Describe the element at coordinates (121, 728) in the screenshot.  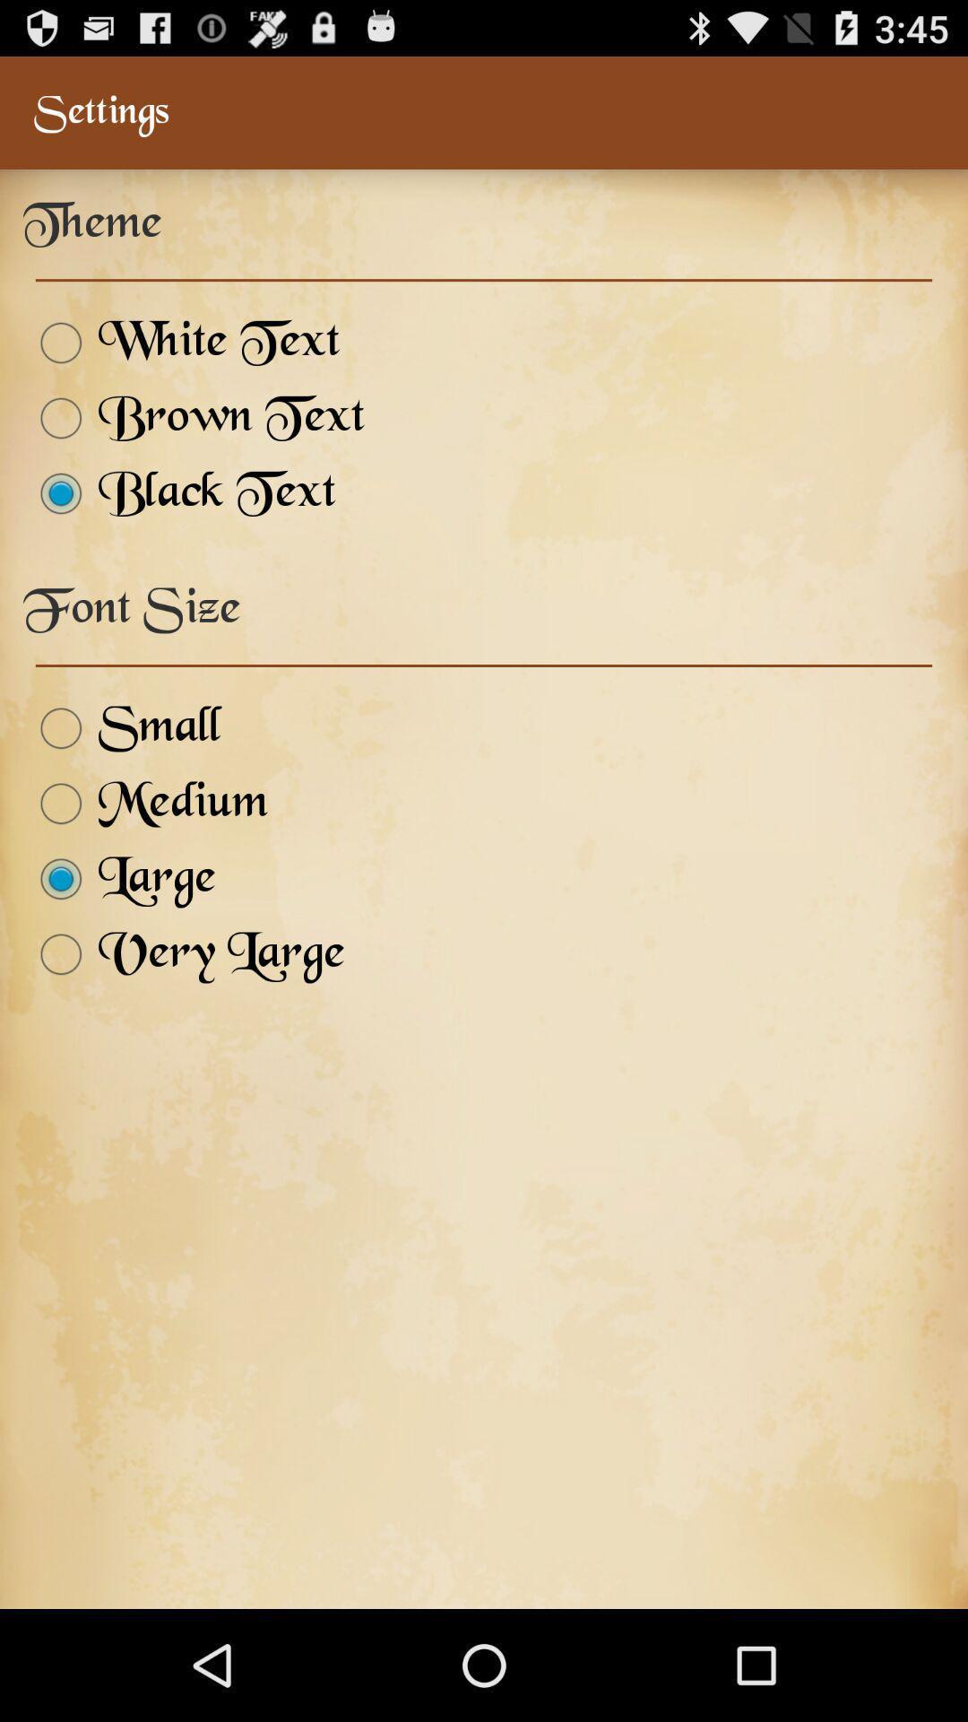
I see `item above the medium` at that location.